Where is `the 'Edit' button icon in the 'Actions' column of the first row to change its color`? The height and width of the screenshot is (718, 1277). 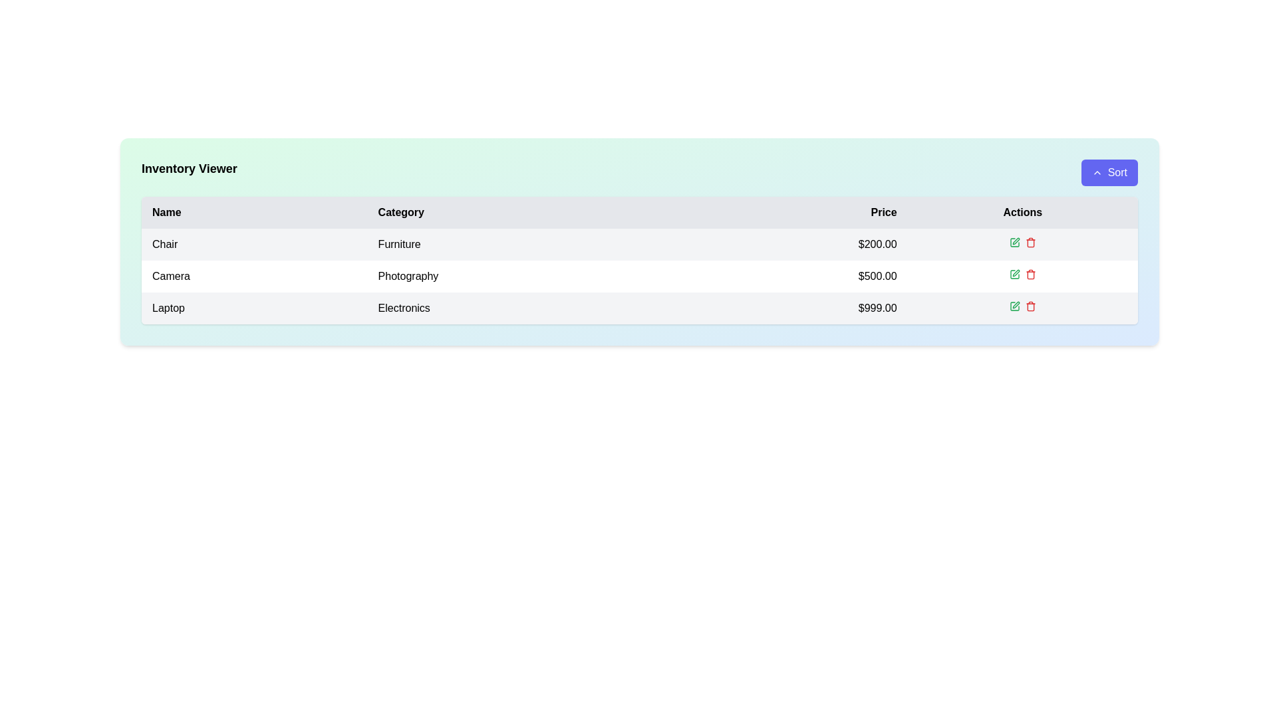
the 'Edit' button icon in the 'Actions' column of the first row to change its color is located at coordinates (1014, 243).